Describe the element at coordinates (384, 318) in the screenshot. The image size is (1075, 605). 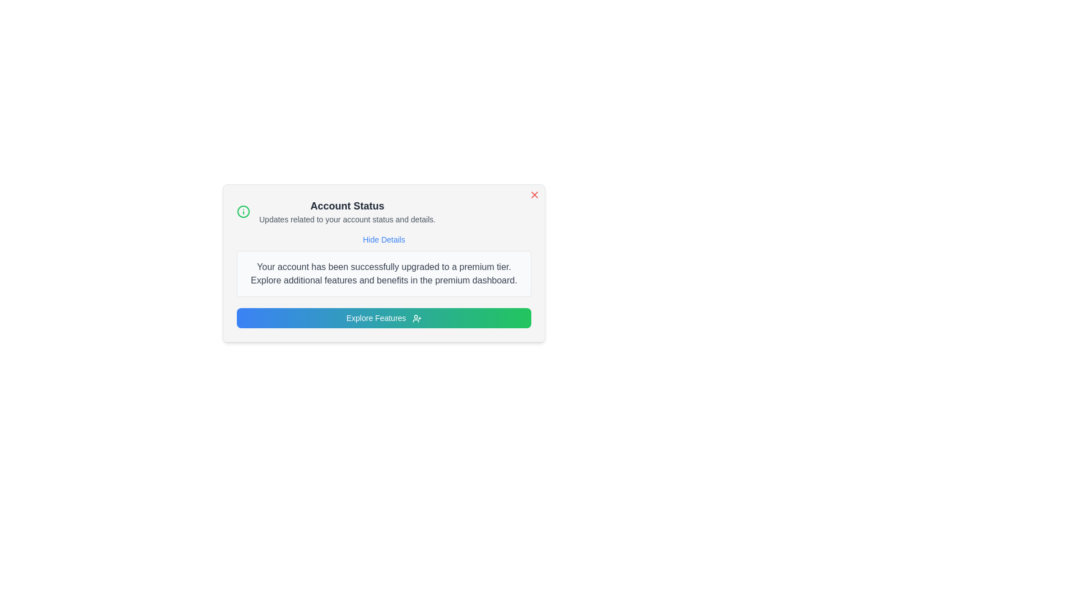
I see `the 'Explore Features' button` at that location.